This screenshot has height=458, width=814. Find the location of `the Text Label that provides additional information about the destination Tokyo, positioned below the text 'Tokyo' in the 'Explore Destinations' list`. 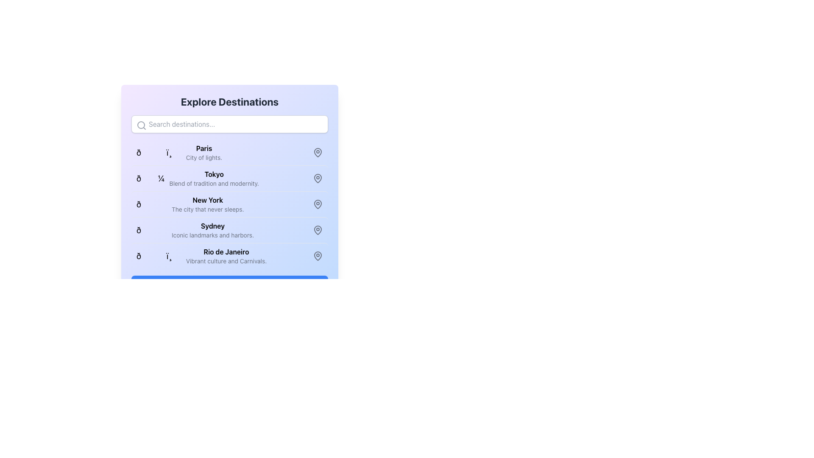

the Text Label that provides additional information about the destination Tokyo, positioned below the text 'Tokyo' in the 'Explore Destinations' list is located at coordinates (214, 183).